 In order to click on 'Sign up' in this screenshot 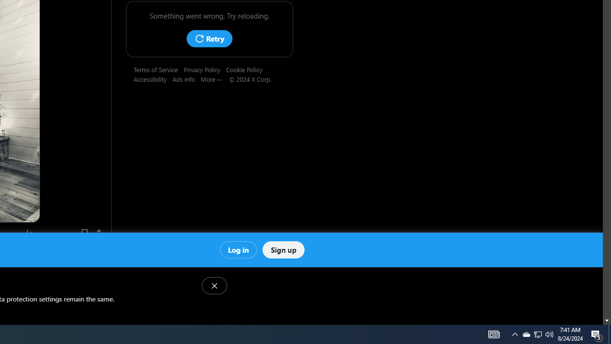, I will do `click(283, 249)`.